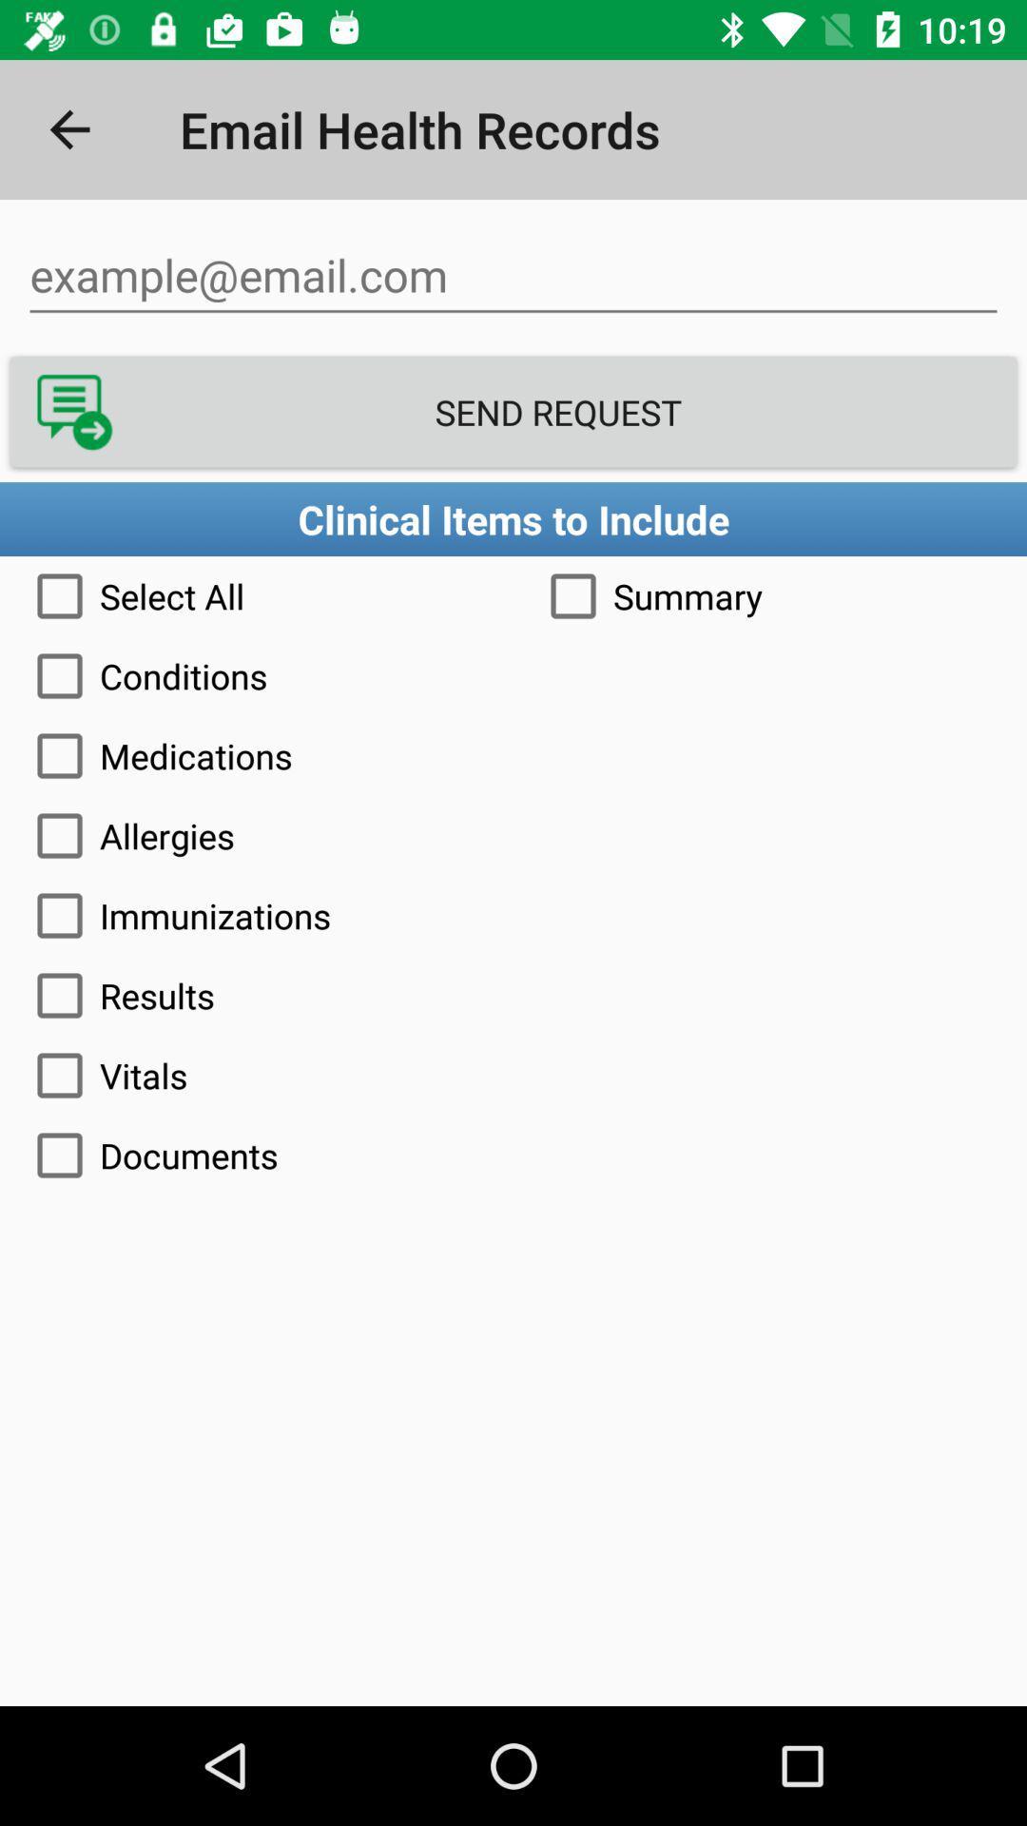  Describe the element at coordinates (513, 675) in the screenshot. I see `the conditions icon` at that location.